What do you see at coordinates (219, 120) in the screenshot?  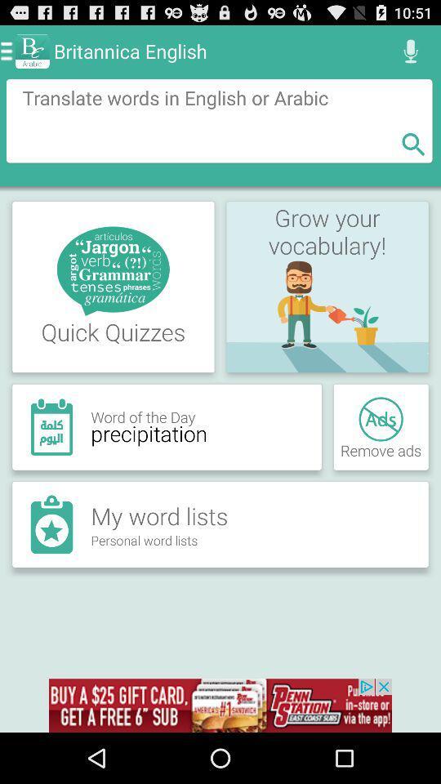 I see `translate text` at bounding box center [219, 120].